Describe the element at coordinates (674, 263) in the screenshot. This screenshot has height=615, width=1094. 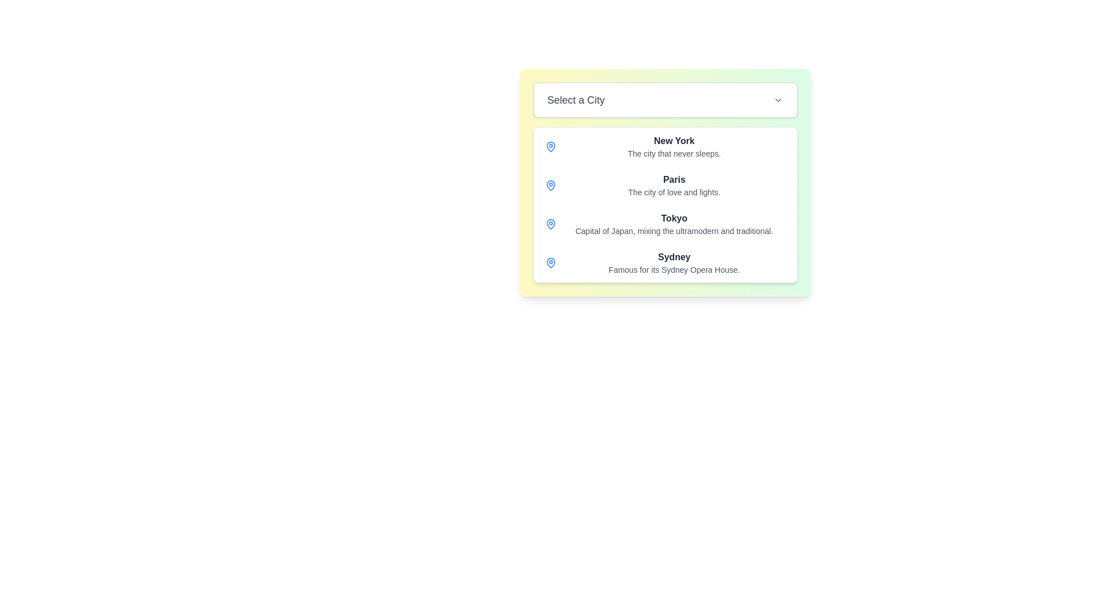
I see `the last item in the city-selection dropdown menu that represents 'Sydney'` at that location.